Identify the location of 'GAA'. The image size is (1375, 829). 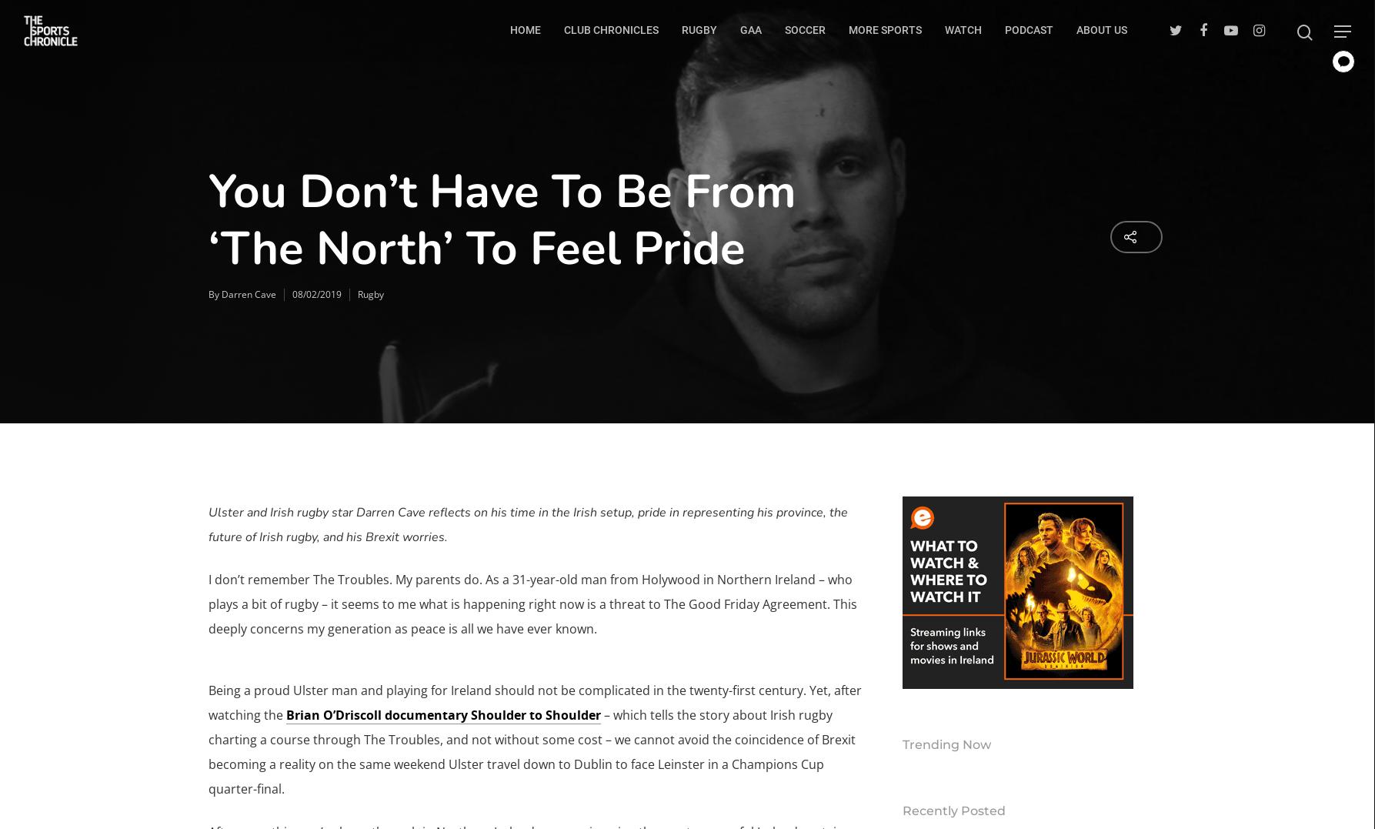
(750, 28).